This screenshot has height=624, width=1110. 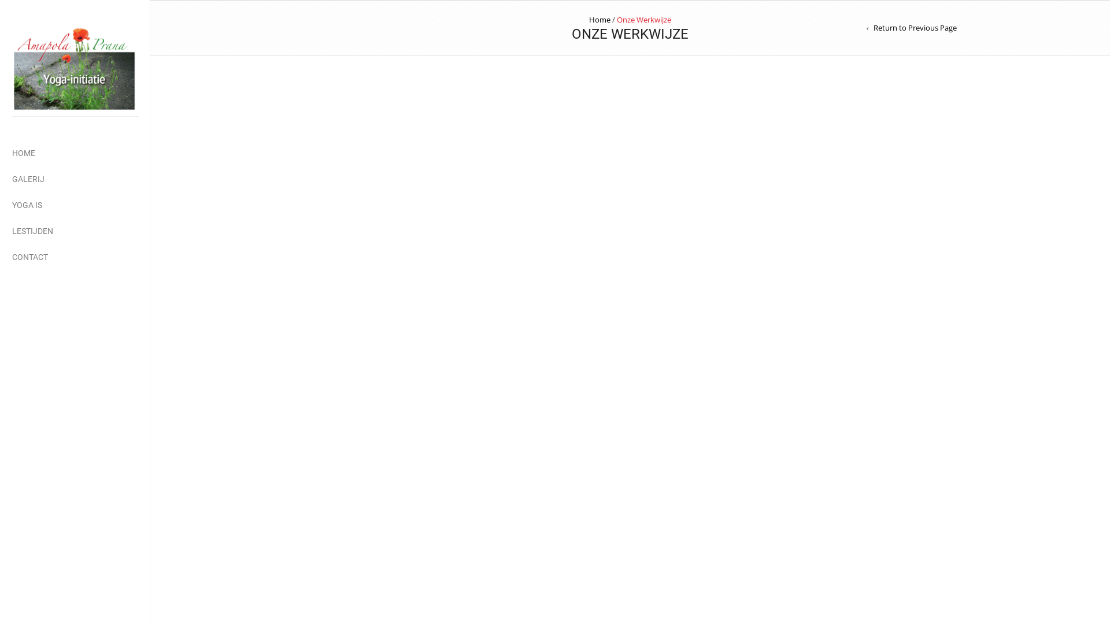 I want to click on 'HOME', so click(x=24, y=153).